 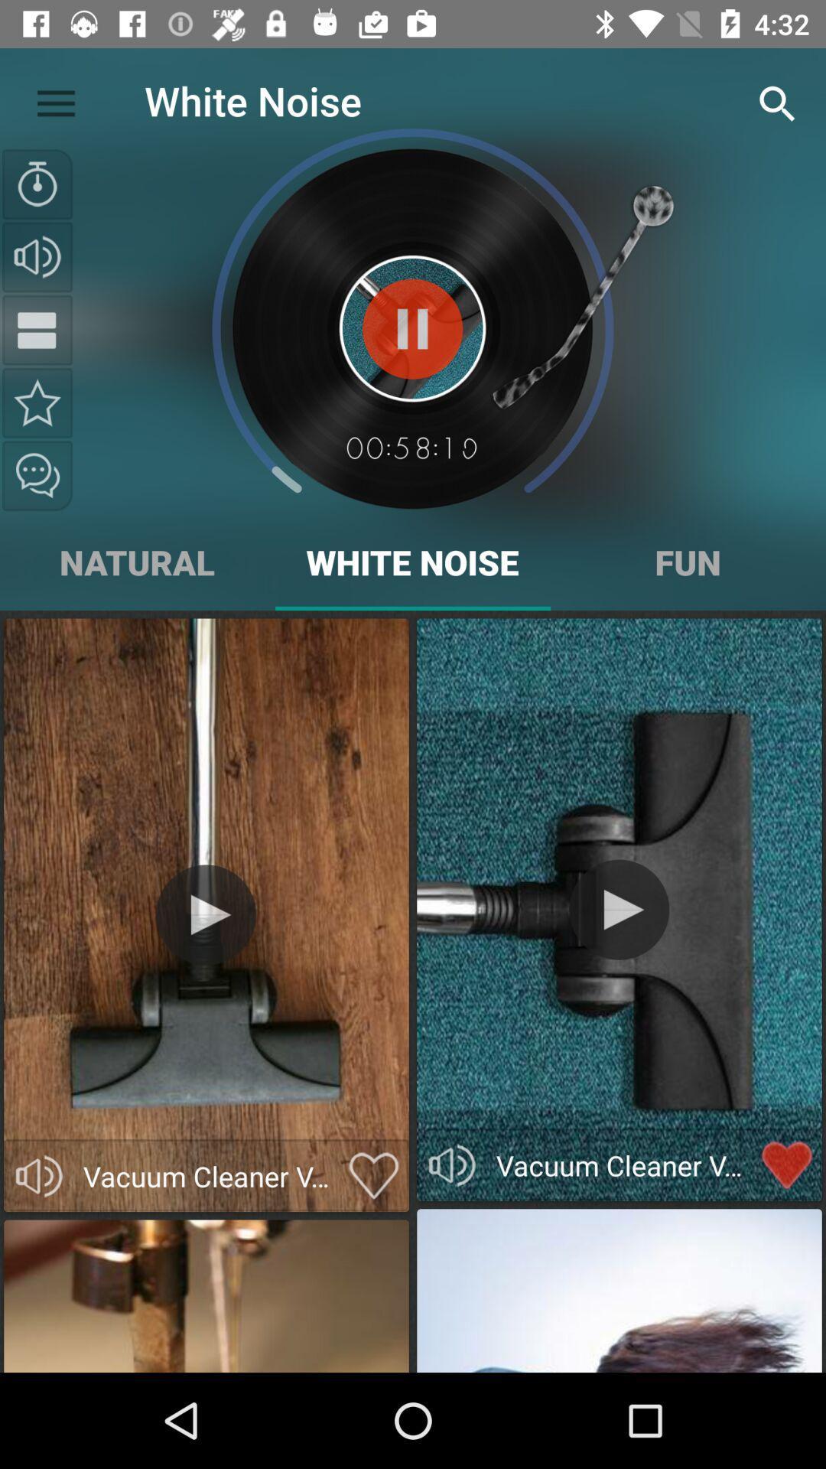 What do you see at coordinates (205, 914) in the screenshot?
I see `play` at bounding box center [205, 914].